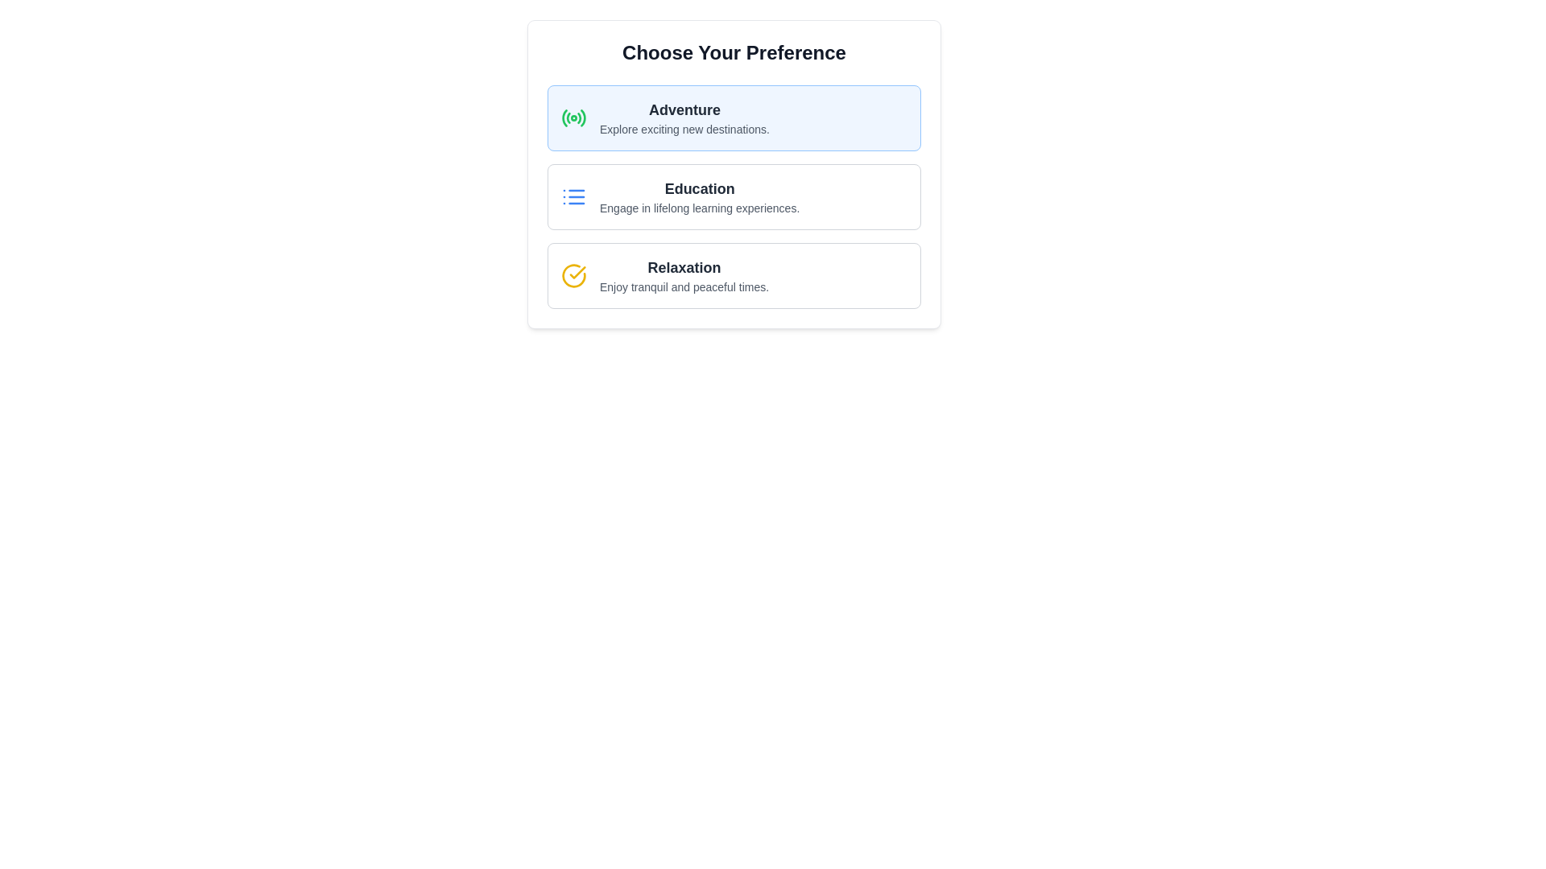 The image size is (1546, 869). What do you see at coordinates (734, 275) in the screenshot?
I see `the 'Relaxation' option card, which is the third card in a vertical list of options` at bounding box center [734, 275].